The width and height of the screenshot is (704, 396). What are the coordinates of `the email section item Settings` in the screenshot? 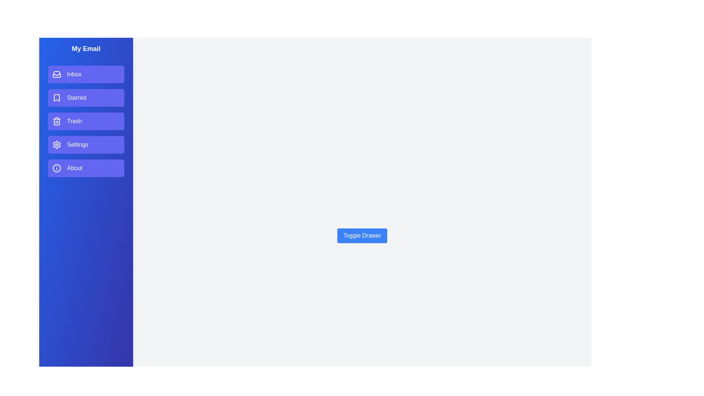 It's located at (86, 144).